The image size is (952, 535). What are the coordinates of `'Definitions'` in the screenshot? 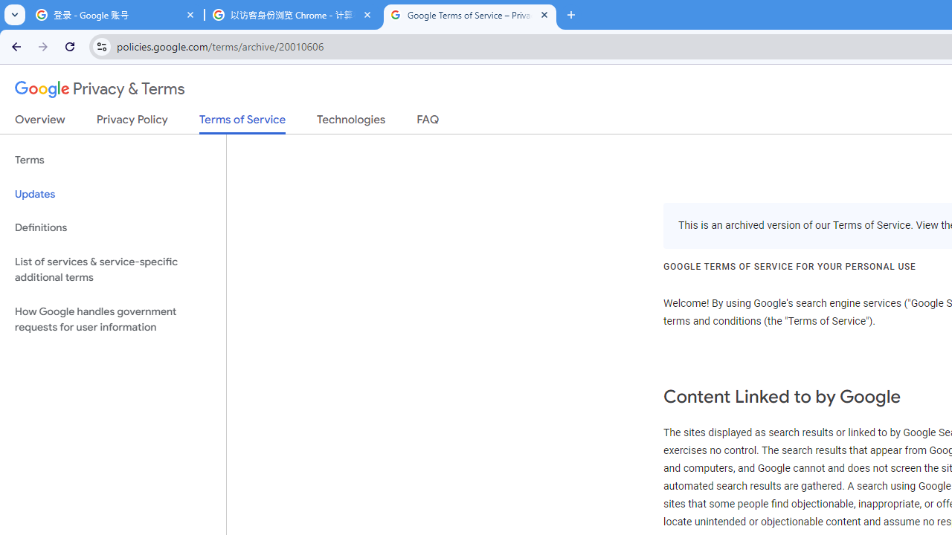 It's located at (112, 227).